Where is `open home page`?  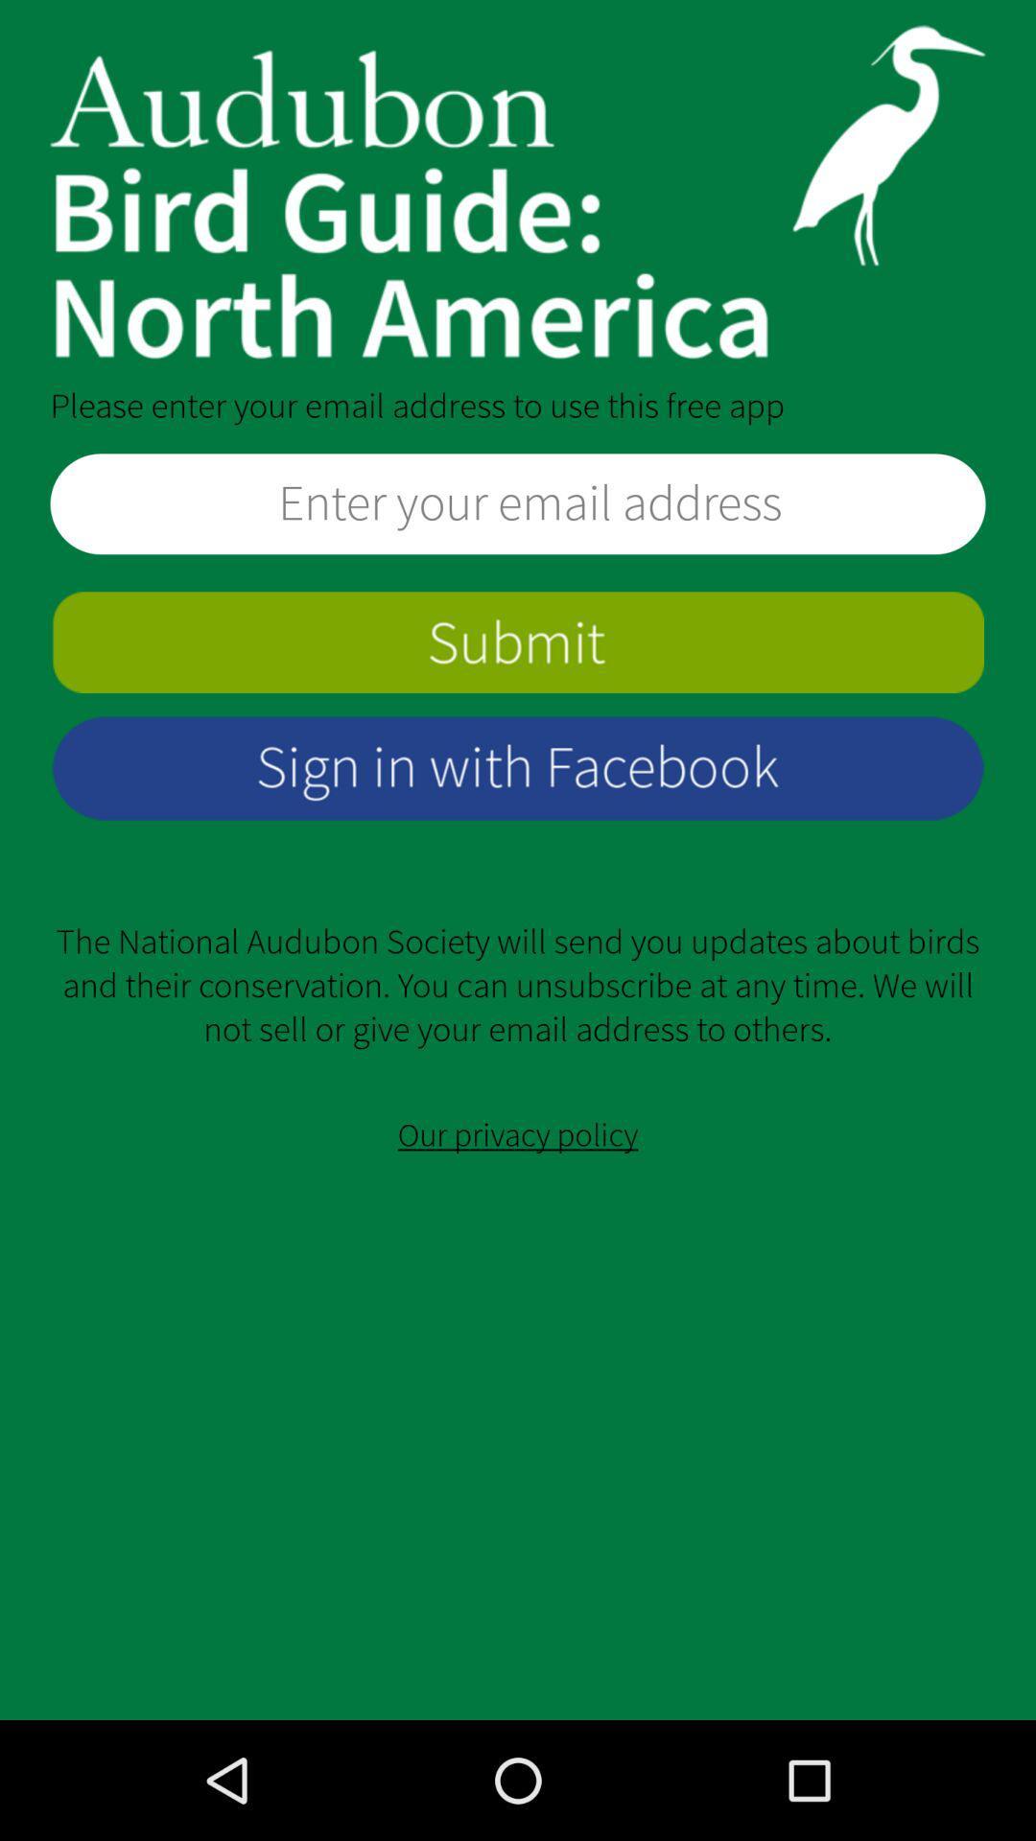 open home page is located at coordinates (518, 192).